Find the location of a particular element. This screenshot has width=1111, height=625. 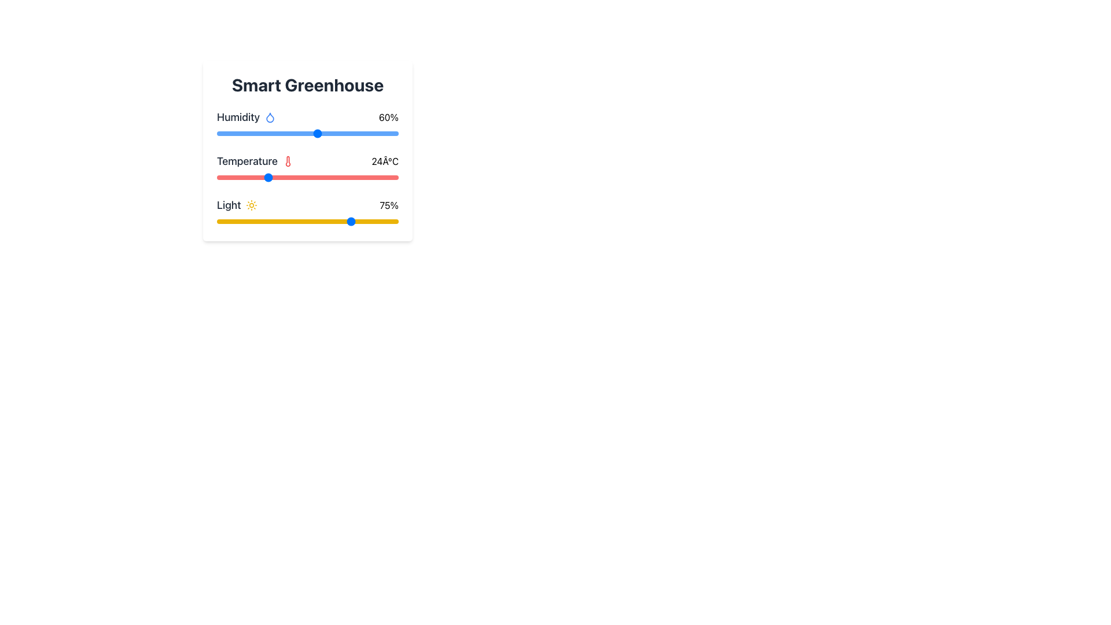

the Text Label that displays the current humidity percentage in the greenhouse monitoring interface, located to the right of the blue droplet icon and the 'Humidity' label is located at coordinates (389, 117).